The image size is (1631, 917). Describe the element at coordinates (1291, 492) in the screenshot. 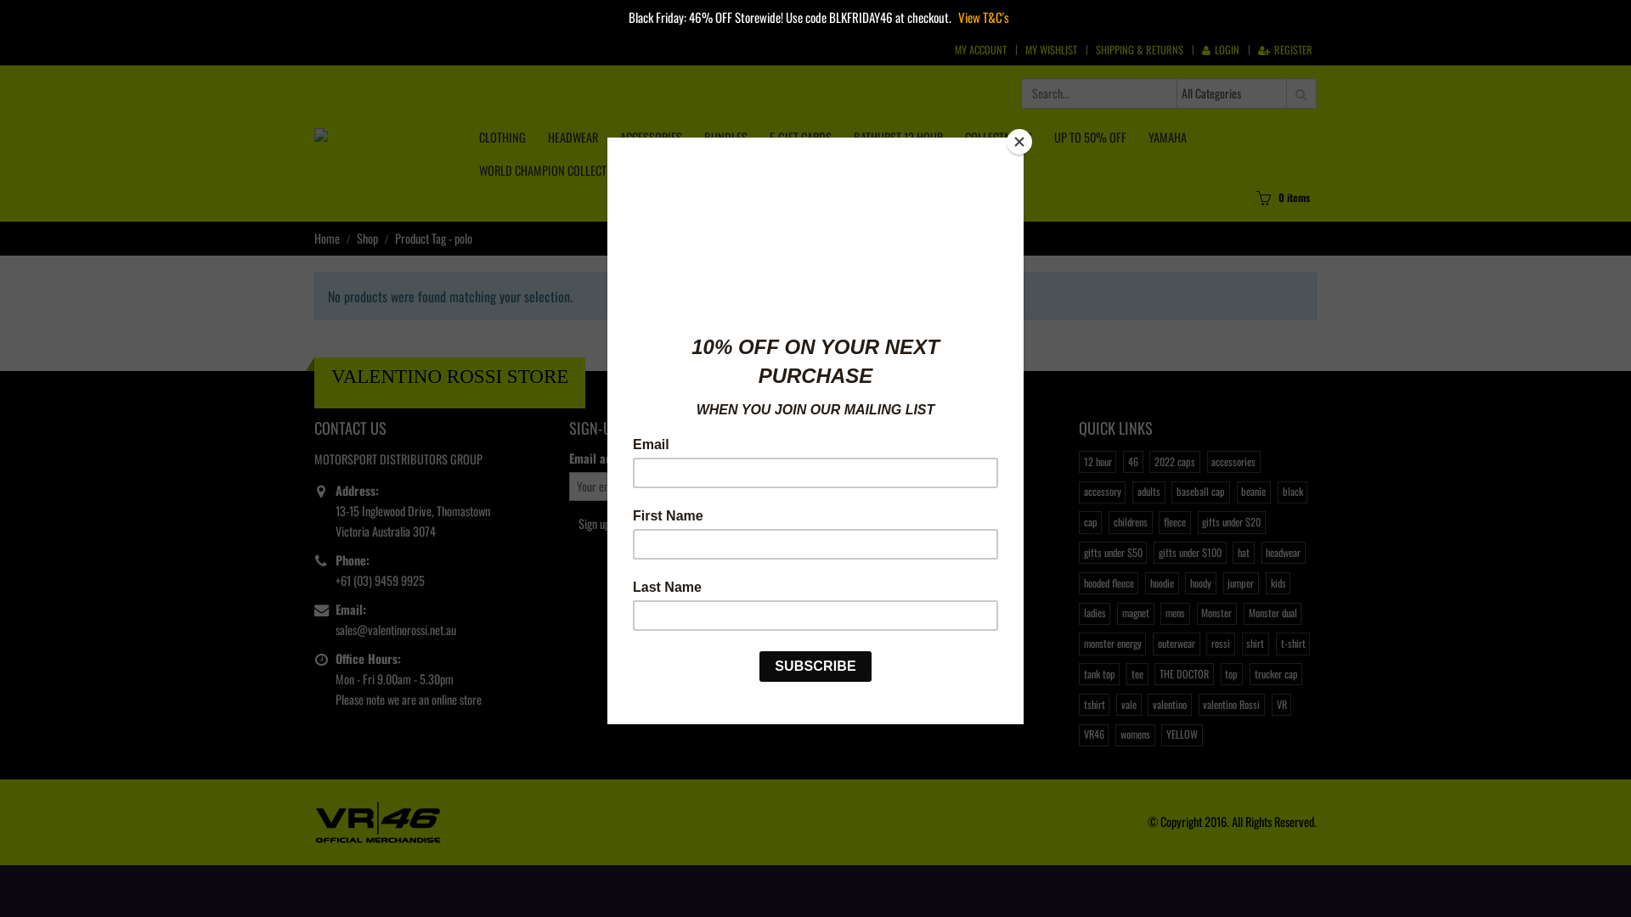

I see `'black'` at that location.